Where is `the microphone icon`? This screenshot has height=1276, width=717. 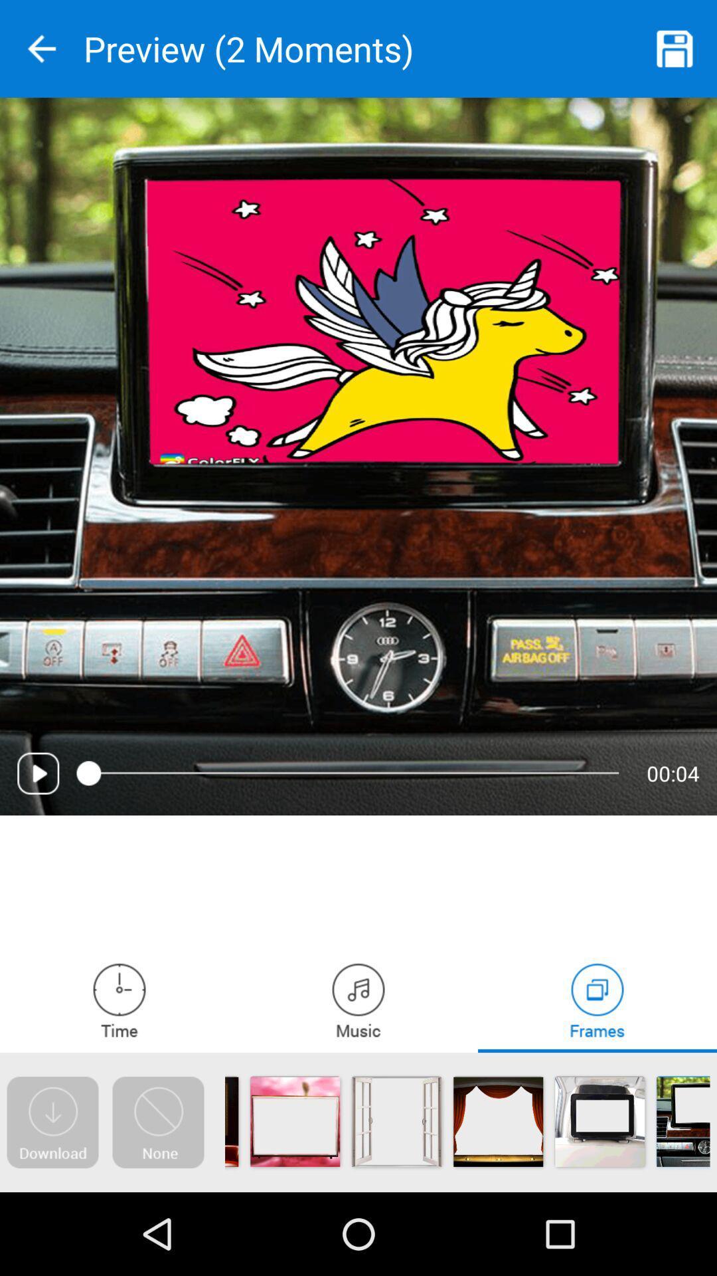
the microphone icon is located at coordinates (358, 1000).